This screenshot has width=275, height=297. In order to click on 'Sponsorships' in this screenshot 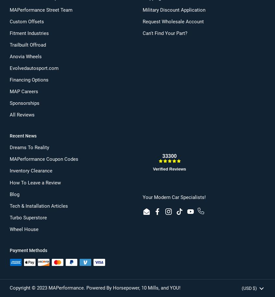, I will do `click(24, 103)`.